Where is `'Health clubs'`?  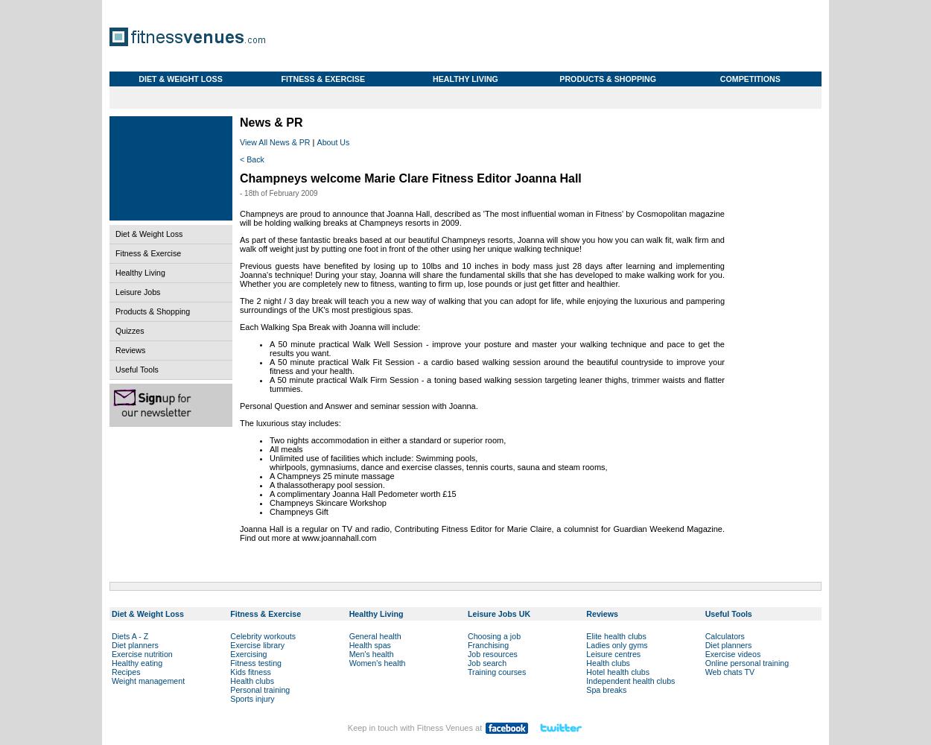 'Health clubs' is located at coordinates (250, 681).